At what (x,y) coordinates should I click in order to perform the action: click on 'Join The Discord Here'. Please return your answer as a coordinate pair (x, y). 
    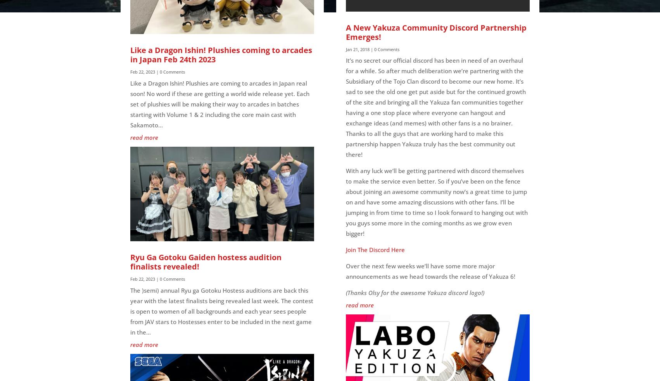
    Looking at the image, I should click on (346, 250).